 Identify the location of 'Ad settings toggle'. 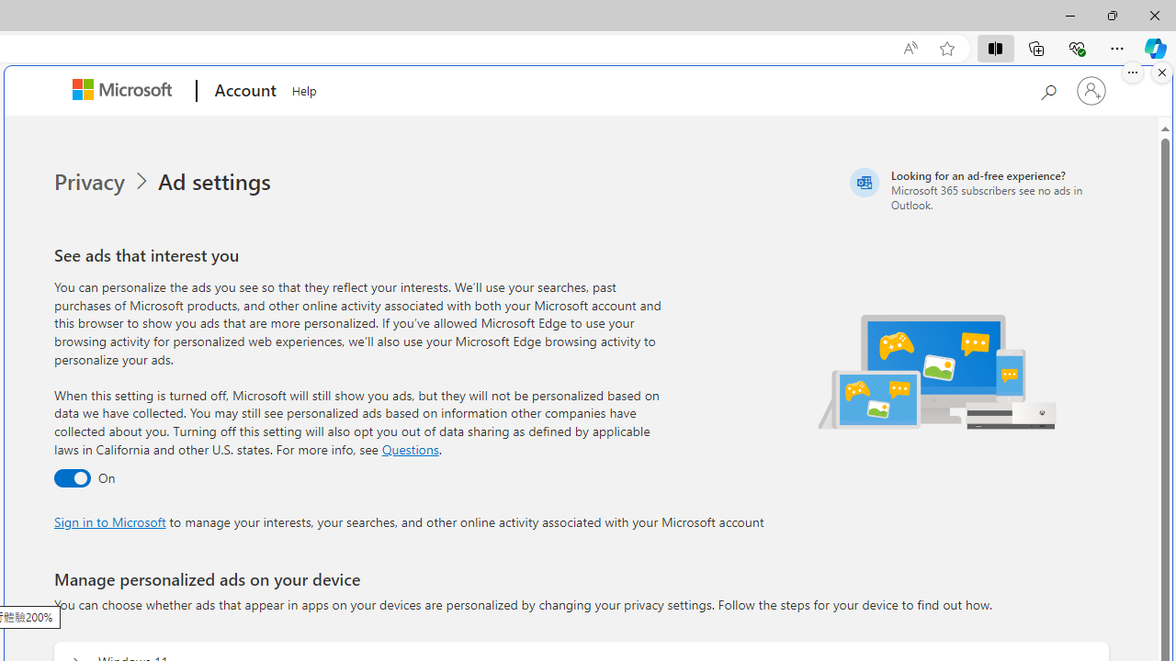
(72, 477).